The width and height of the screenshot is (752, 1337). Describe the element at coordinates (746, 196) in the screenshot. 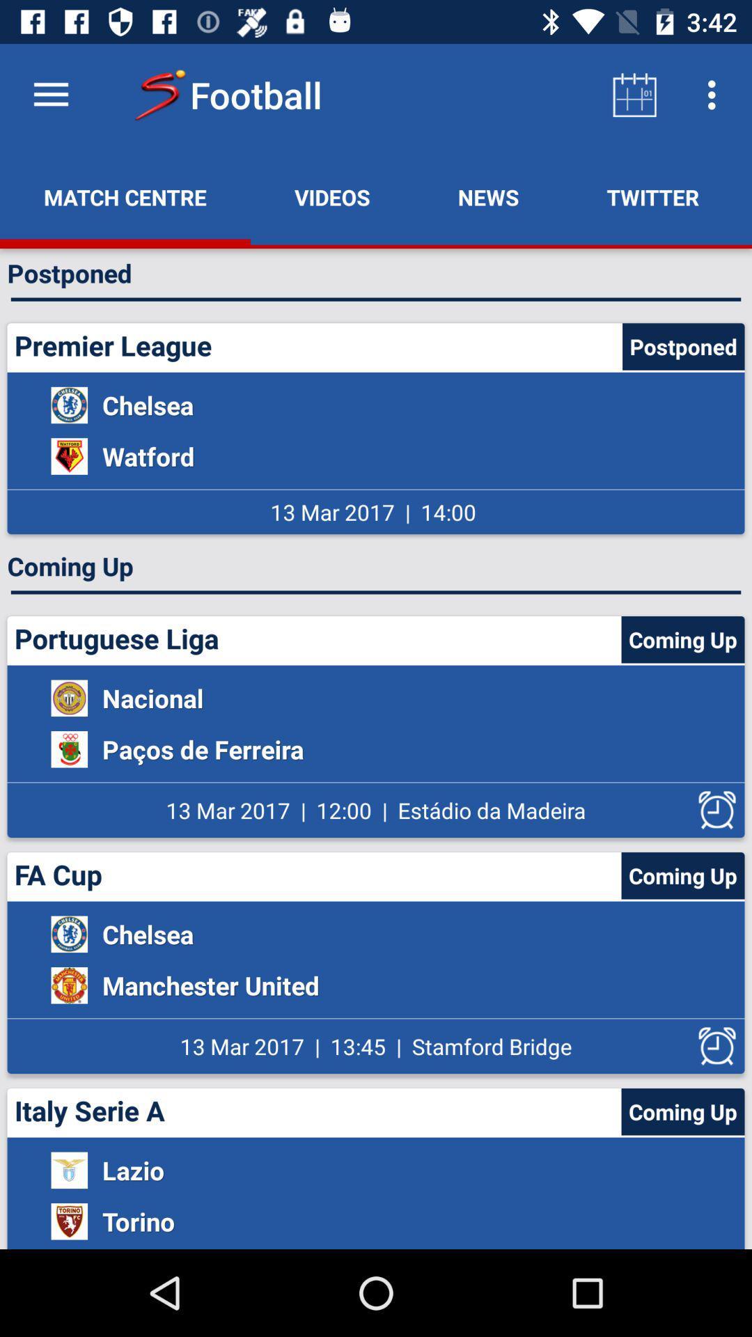

I see `chat` at that location.